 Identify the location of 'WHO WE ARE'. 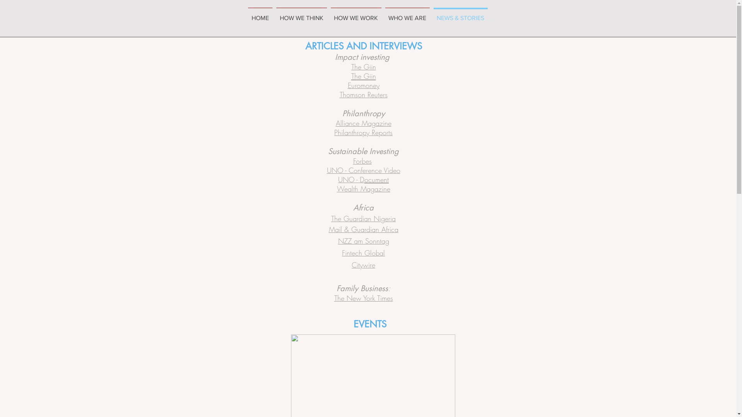
(383, 15).